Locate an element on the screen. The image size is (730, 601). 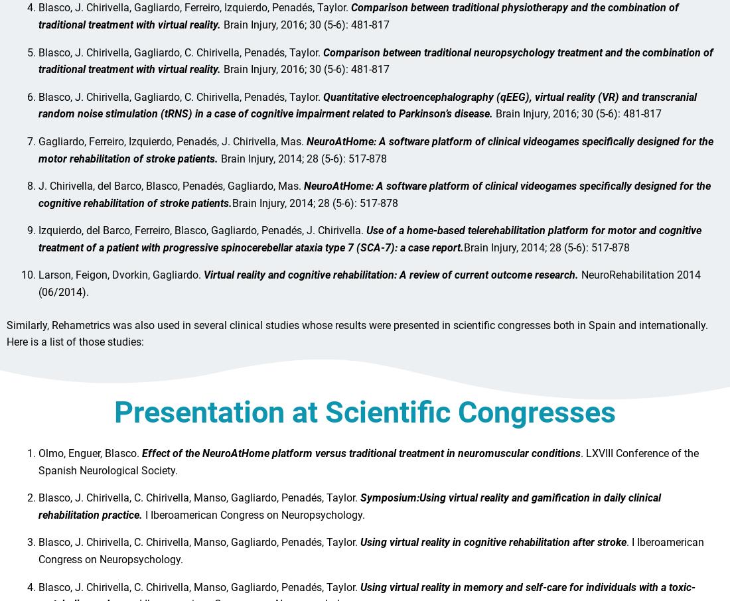
'Comparison between traditional neuropsychology treatment and the combination of traditional treatment with virtual reality.' is located at coordinates (375, 66).